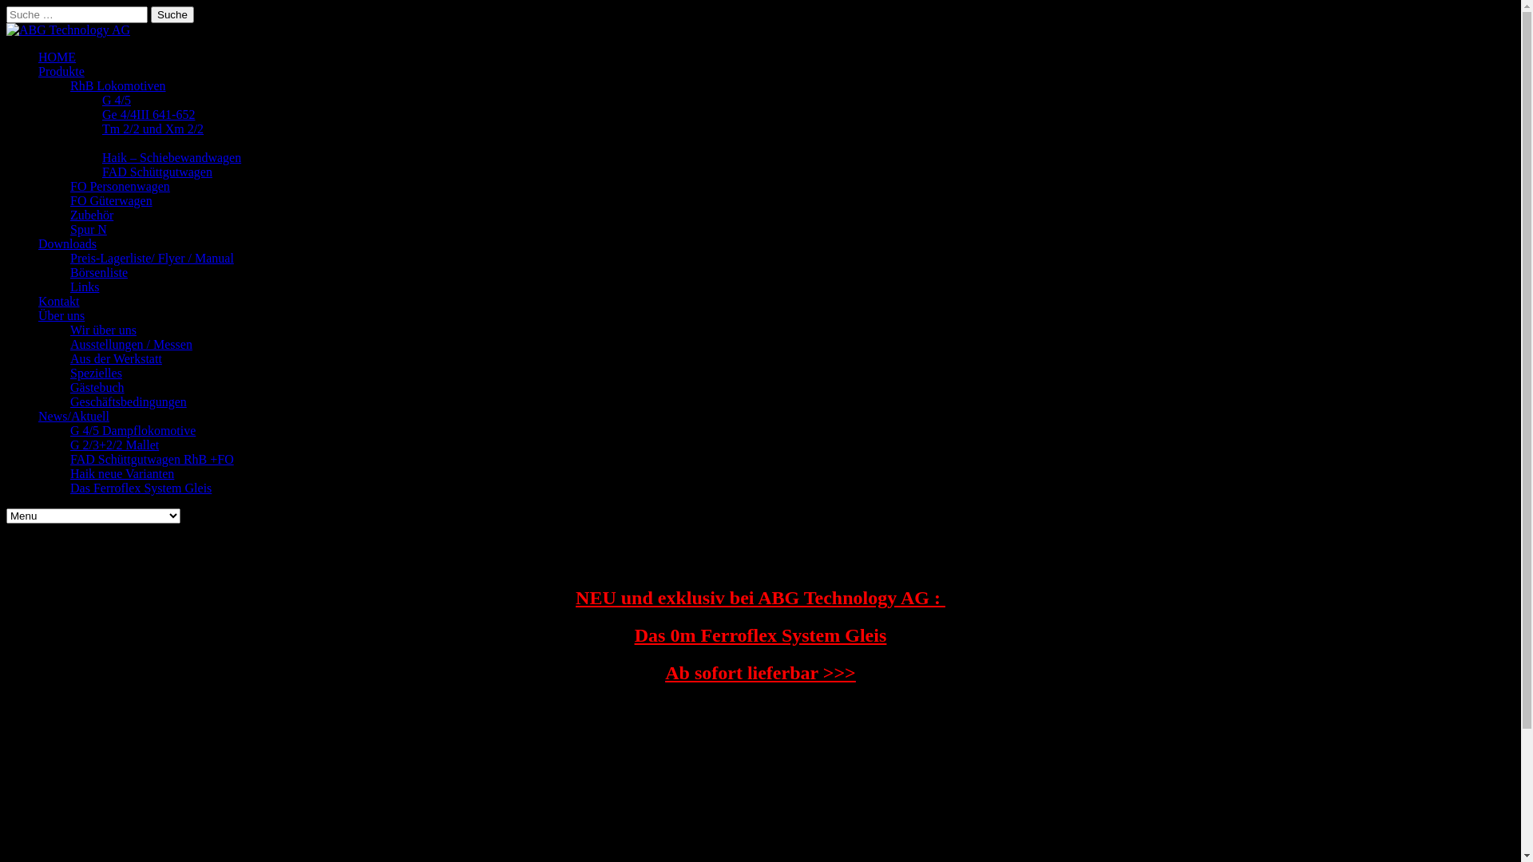  I want to click on 'Links', so click(83, 286).